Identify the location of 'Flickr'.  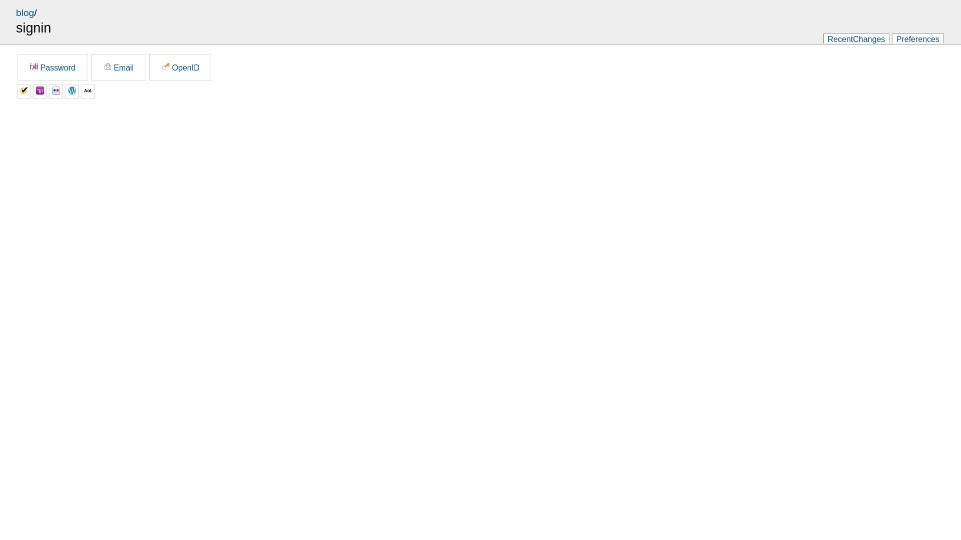
(55, 91).